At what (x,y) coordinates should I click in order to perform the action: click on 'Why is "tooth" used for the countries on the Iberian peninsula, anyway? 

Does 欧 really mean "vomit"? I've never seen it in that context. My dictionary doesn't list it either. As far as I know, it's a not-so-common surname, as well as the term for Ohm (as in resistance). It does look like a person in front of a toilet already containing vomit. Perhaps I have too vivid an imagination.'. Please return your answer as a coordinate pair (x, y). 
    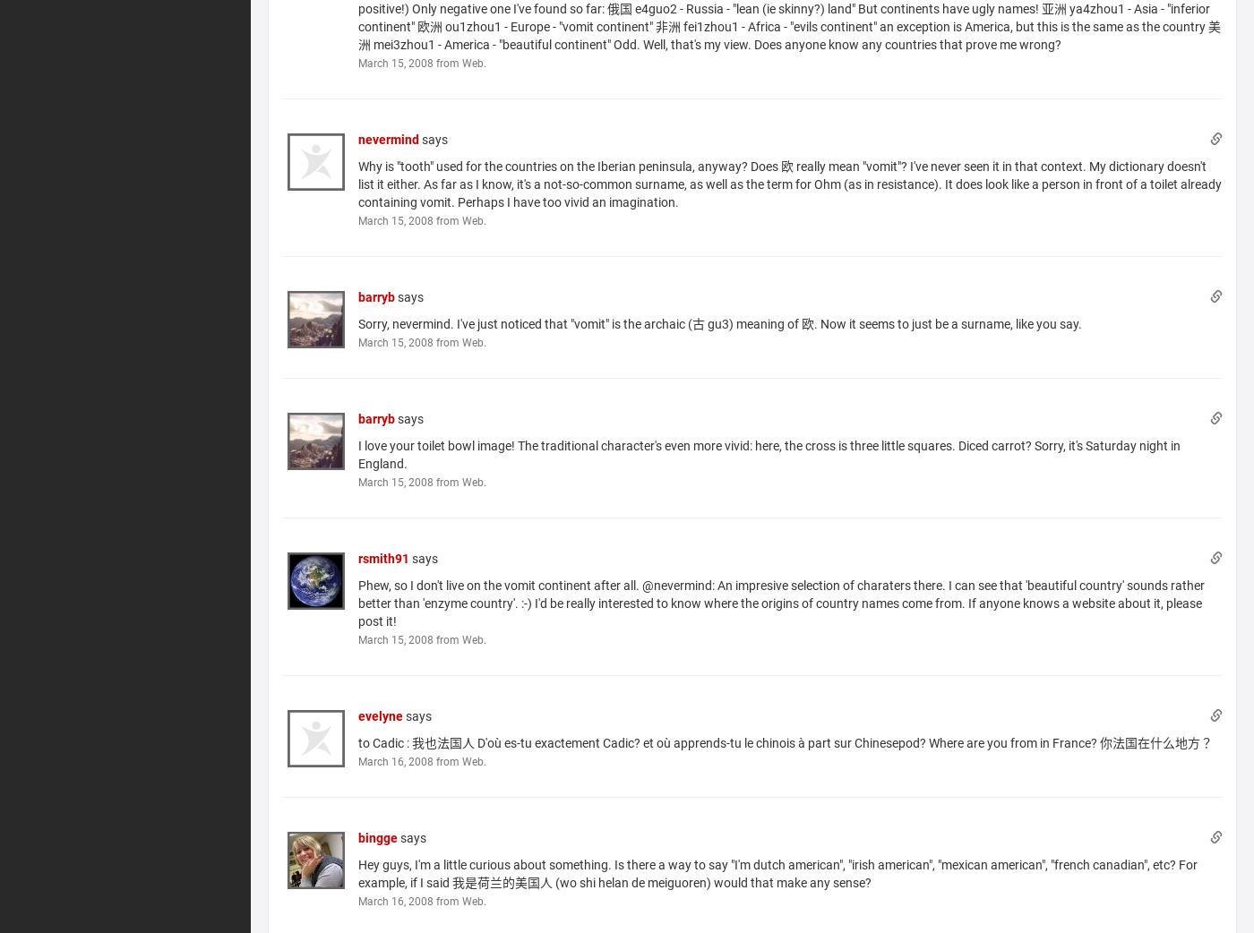
    Looking at the image, I should click on (790, 182).